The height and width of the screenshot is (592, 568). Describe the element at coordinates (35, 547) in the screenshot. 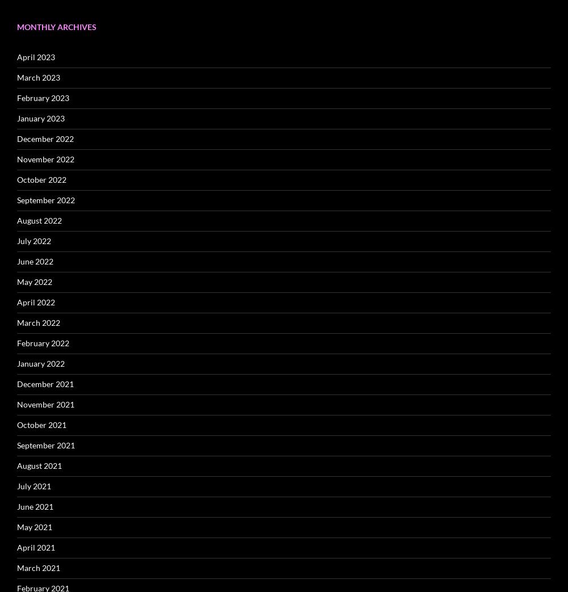

I see `'April 2021'` at that location.